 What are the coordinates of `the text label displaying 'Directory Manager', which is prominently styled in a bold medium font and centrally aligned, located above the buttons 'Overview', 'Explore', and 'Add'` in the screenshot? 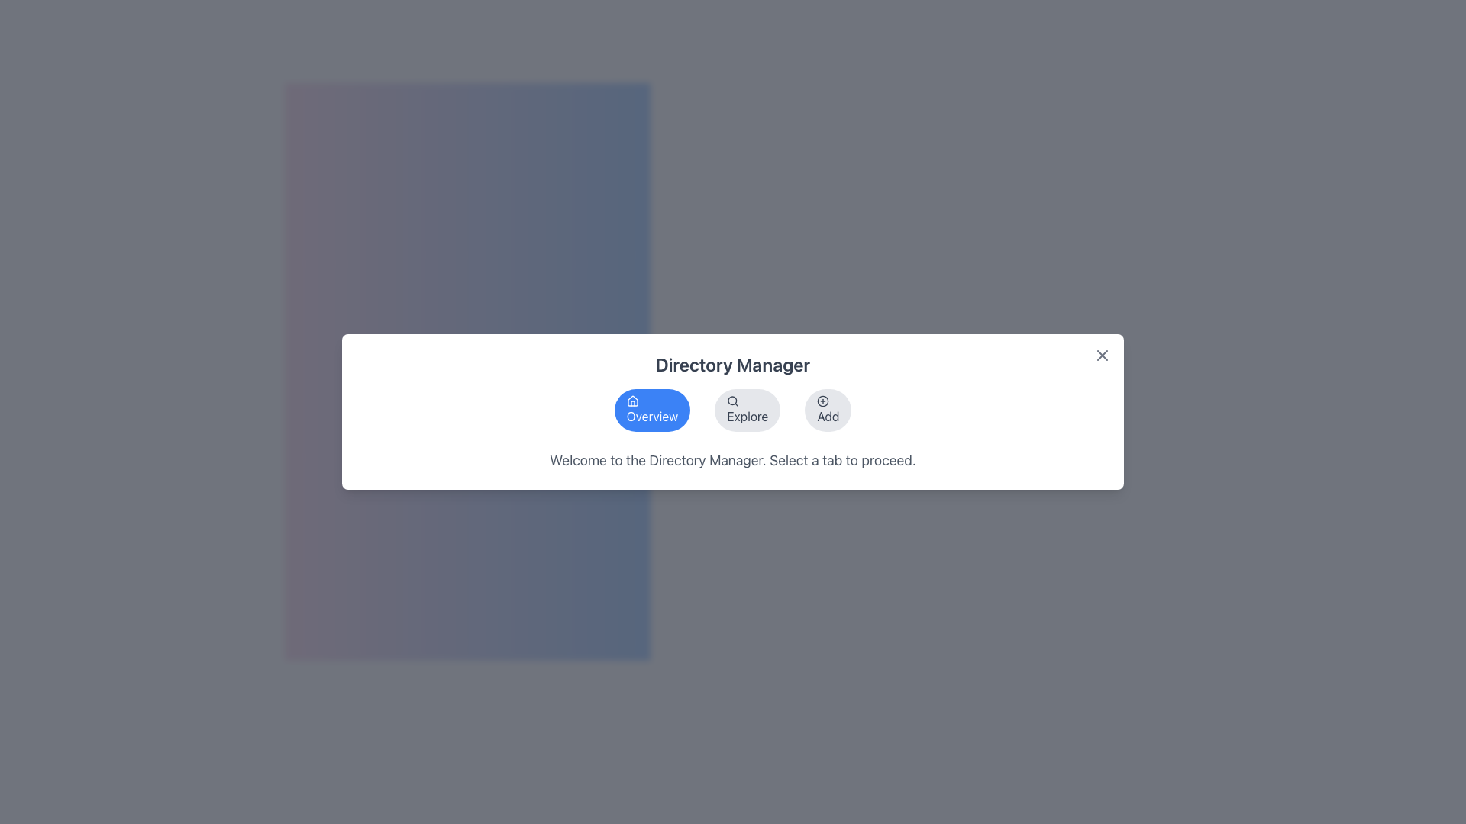 It's located at (733, 365).